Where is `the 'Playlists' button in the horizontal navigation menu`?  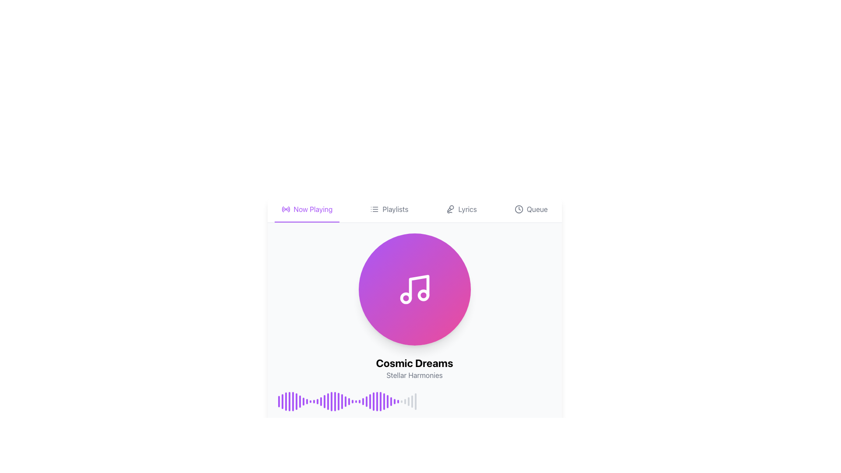
the 'Playlists' button in the horizontal navigation menu is located at coordinates (389, 209).